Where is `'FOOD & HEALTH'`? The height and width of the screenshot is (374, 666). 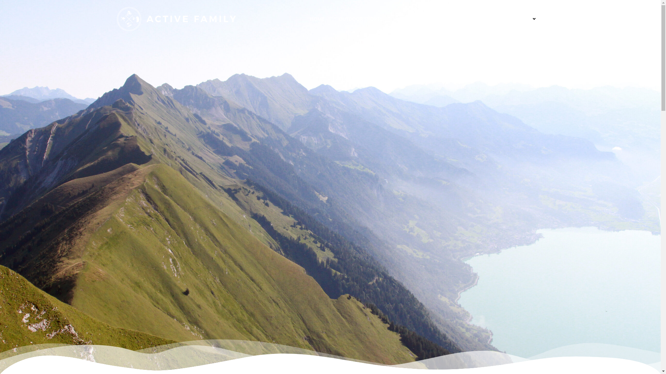
'FOOD & HEALTH' is located at coordinates (416, 18).